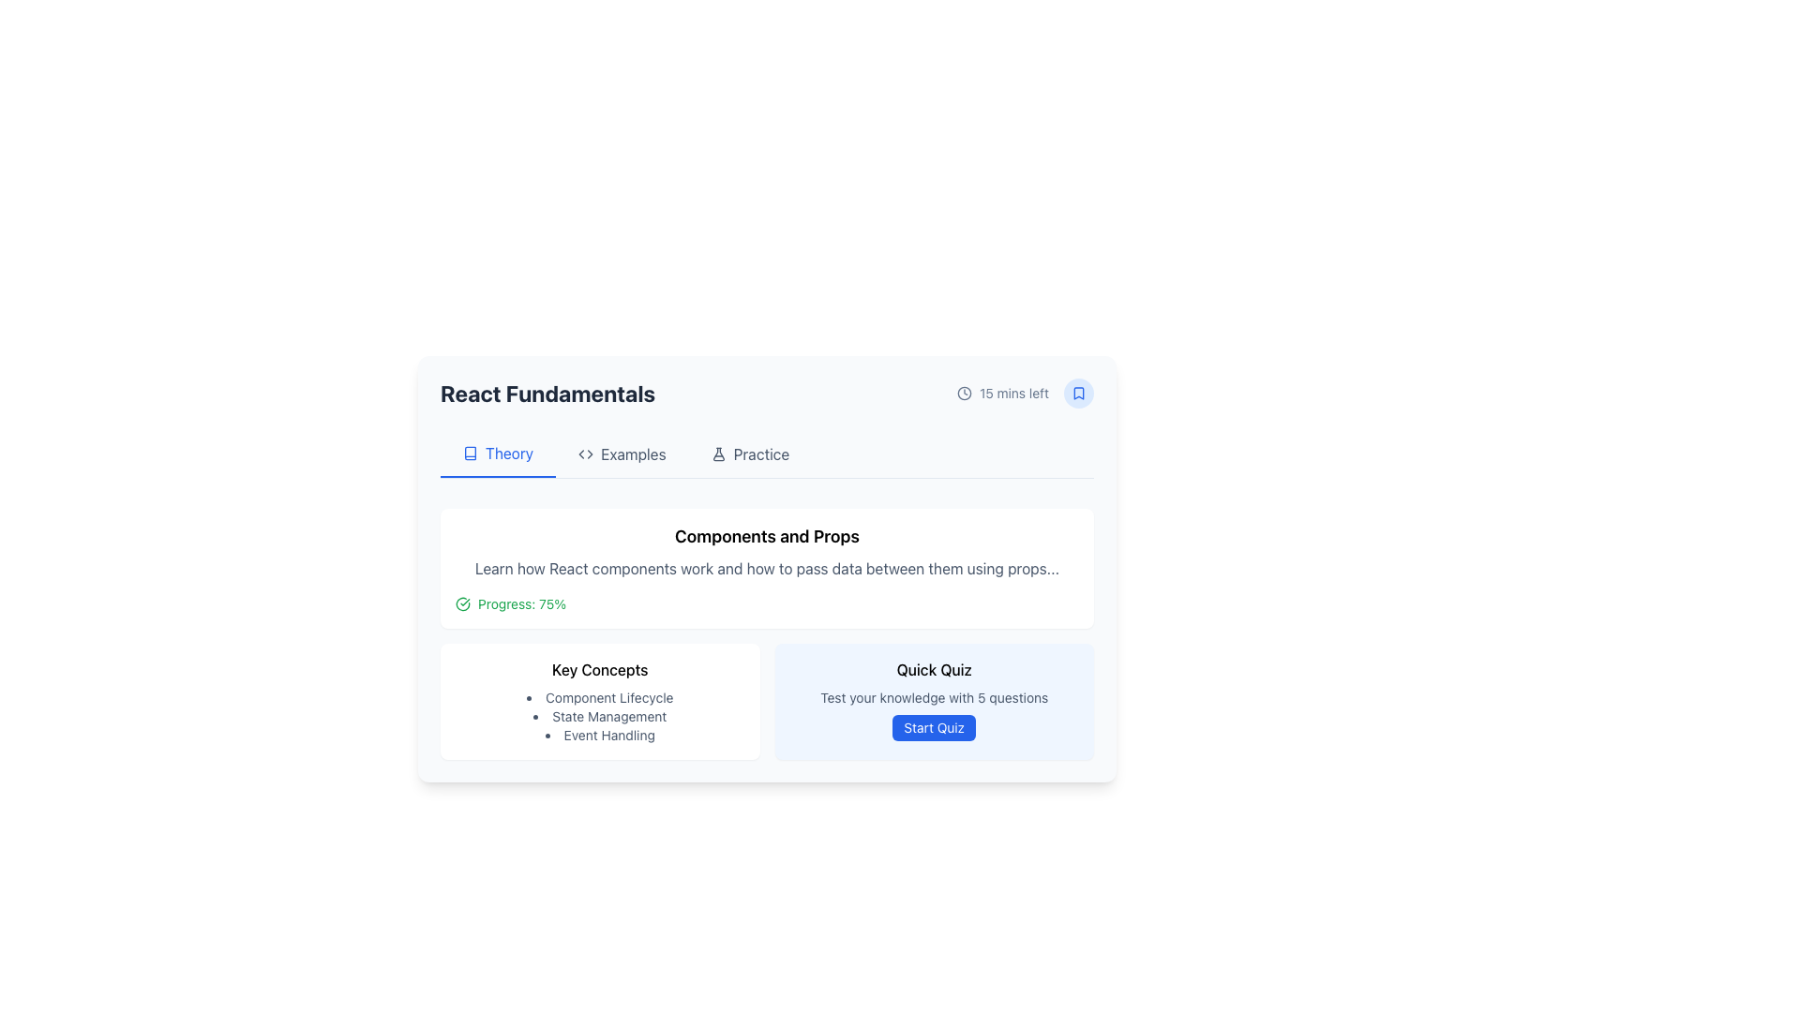 The width and height of the screenshot is (1800, 1012). I want to click on text content of the text label that reads 'State Management', which is the second item in the 'Key Concepts' list, so click(600, 716).